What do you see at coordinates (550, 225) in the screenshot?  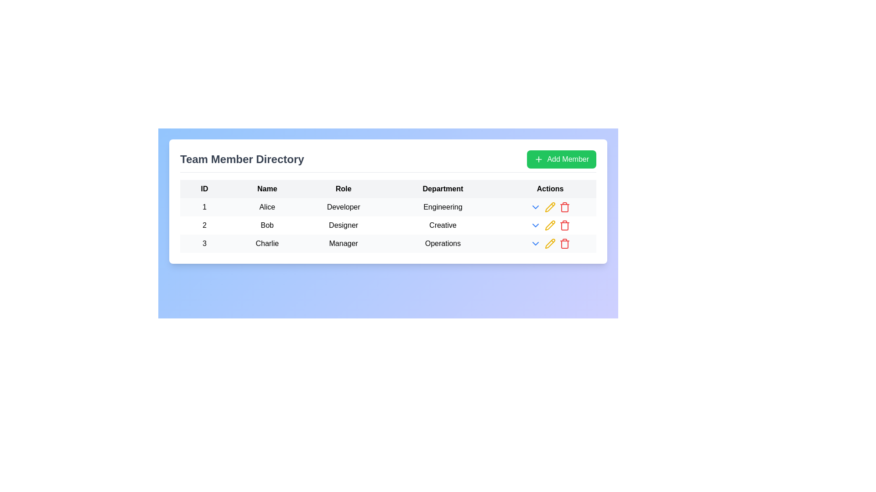 I see `the editing button located in the 'Actions' column of the second row of the directory table, which corresponds to the entry with 'Bob' in the 'Name' field` at bounding box center [550, 225].